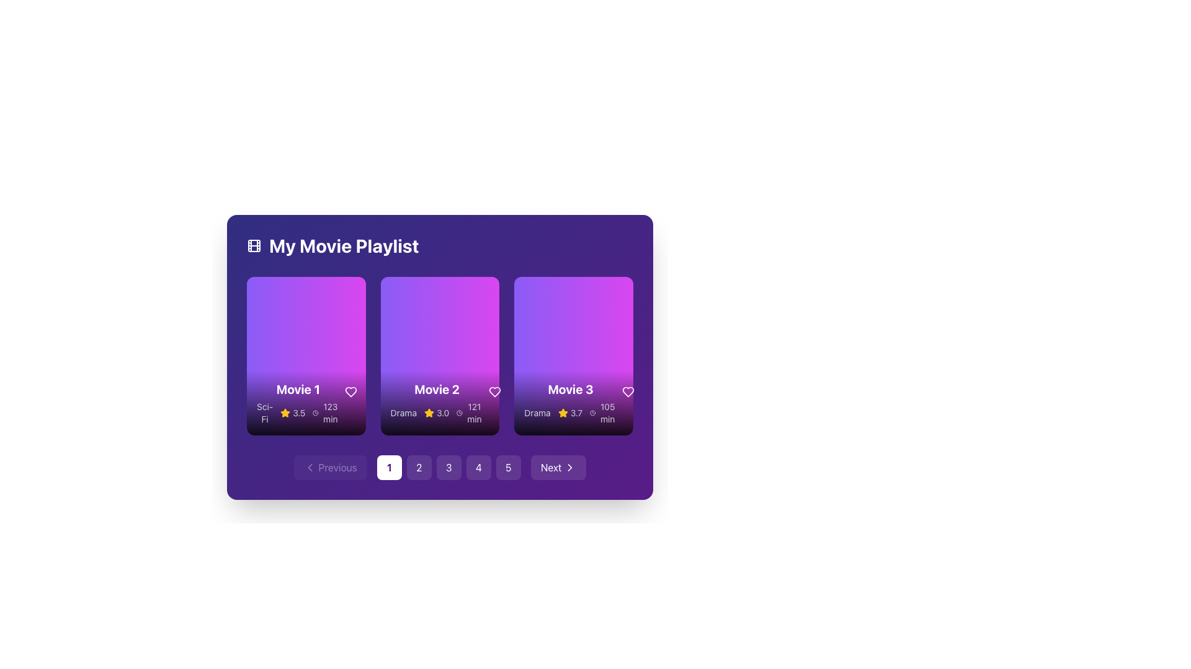  What do you see at coordinates (628, 391) in the screenshot?
I see `the button for marking 'Movie 3' as a favorite, located at the lower-right corner of the 'Movie 3' card adjacent to the runtime text '105 min'` at bounding box center [628, 391].